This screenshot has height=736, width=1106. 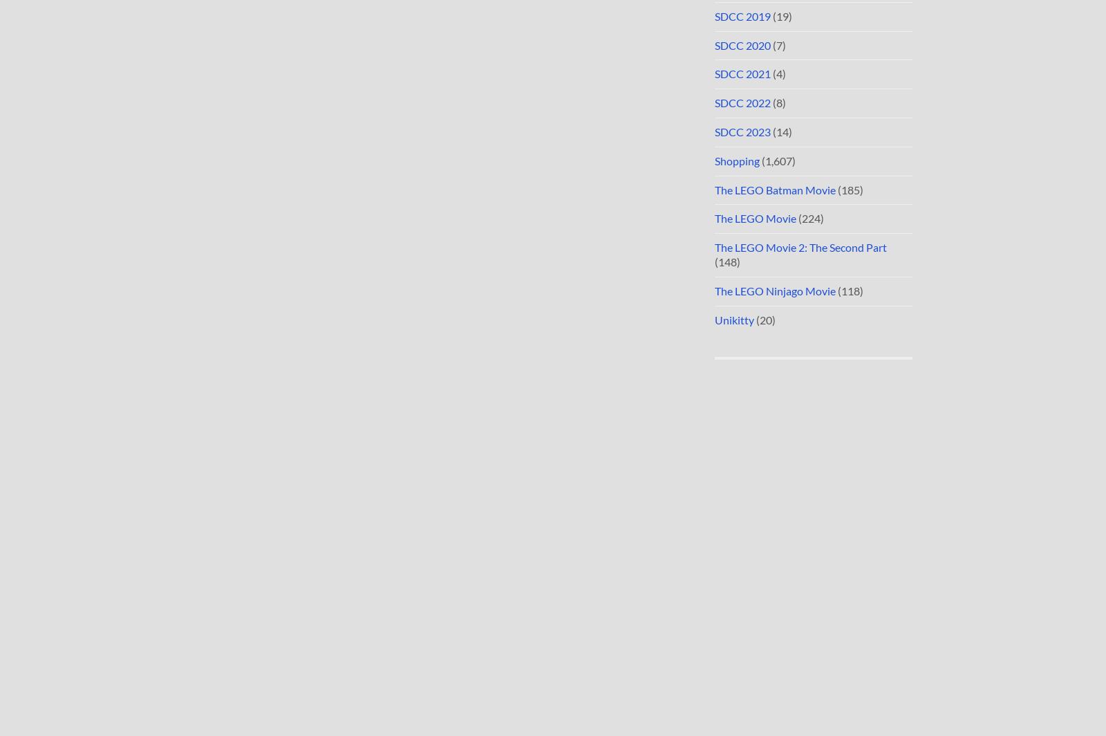 What do you see at coordinates (742, 131) in the screenshot?
I see `'SDCC 2023'` at bounding box center [742, 131].